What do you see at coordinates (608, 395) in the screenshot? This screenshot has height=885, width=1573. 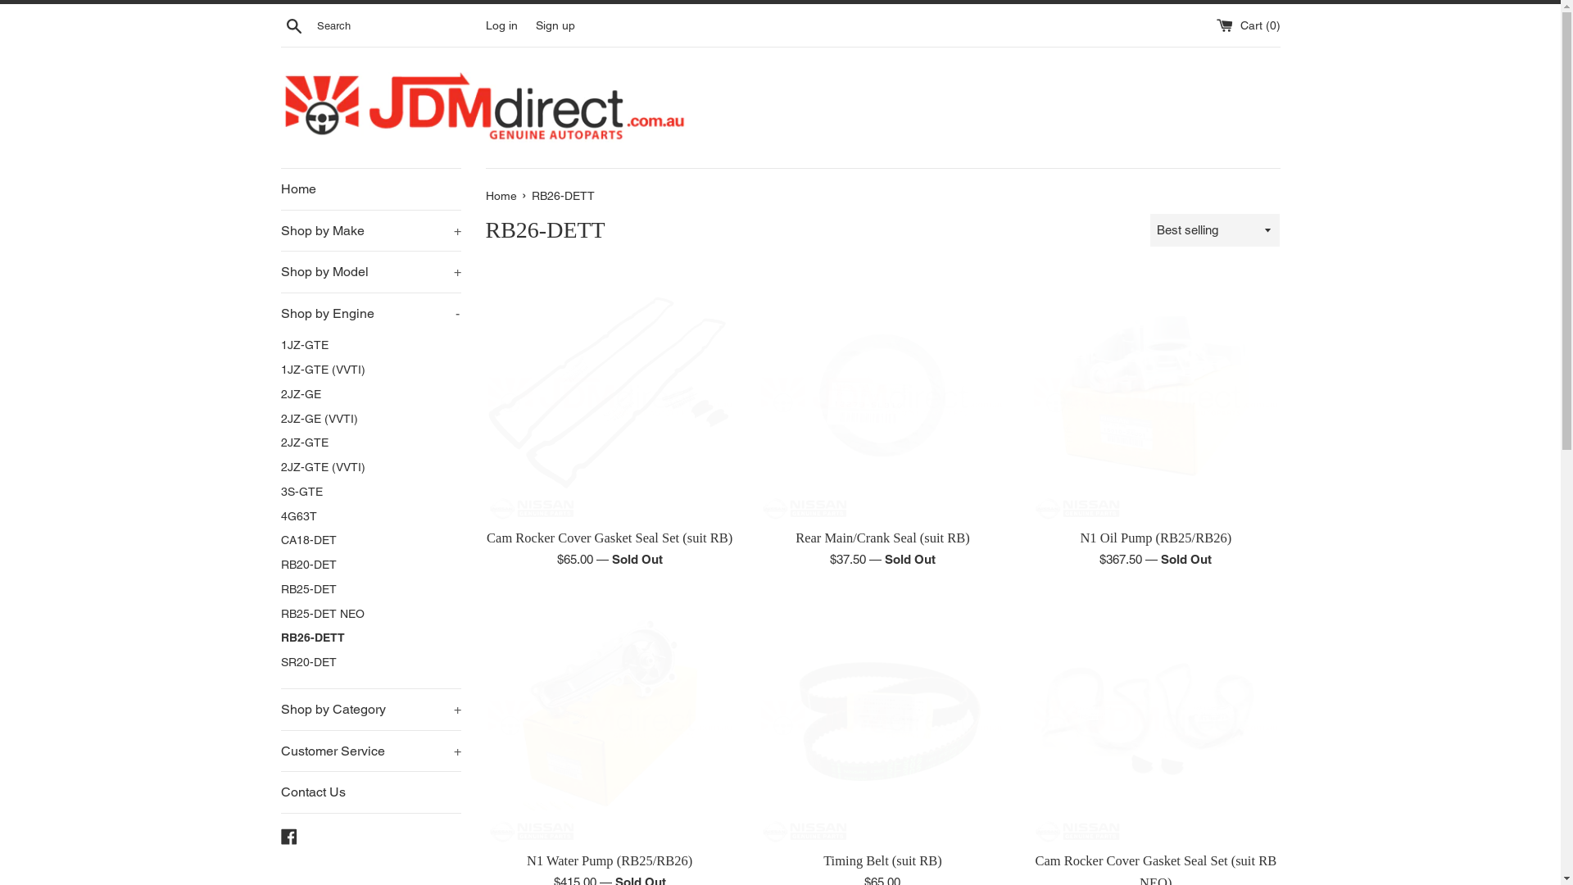 I see `'Cam Rocker Cover Gasket Seal Set (suit RB)'` at bounding box center [608, 395].